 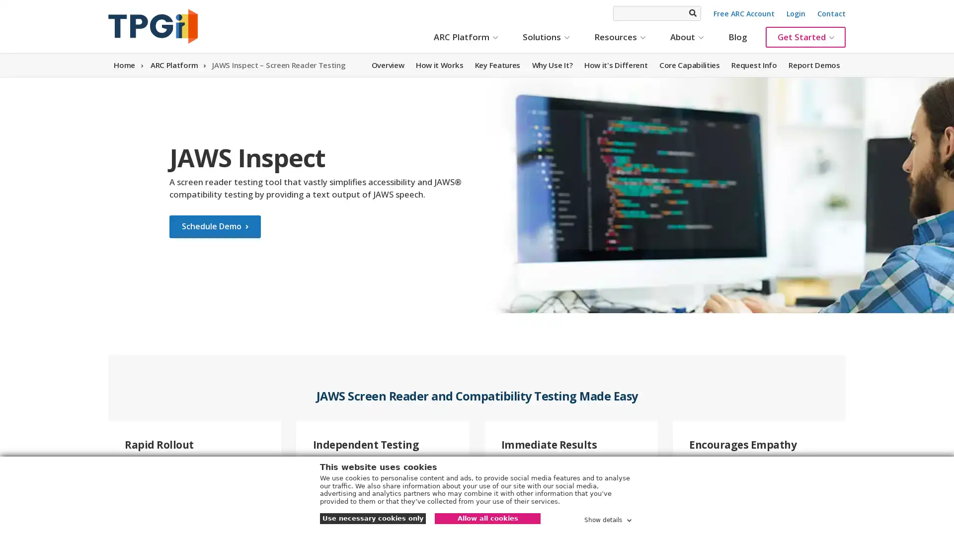 What do you see at coordinates (692, 13) in the screenshot?
I see `Submit Search` at bounding box center [692, 13].